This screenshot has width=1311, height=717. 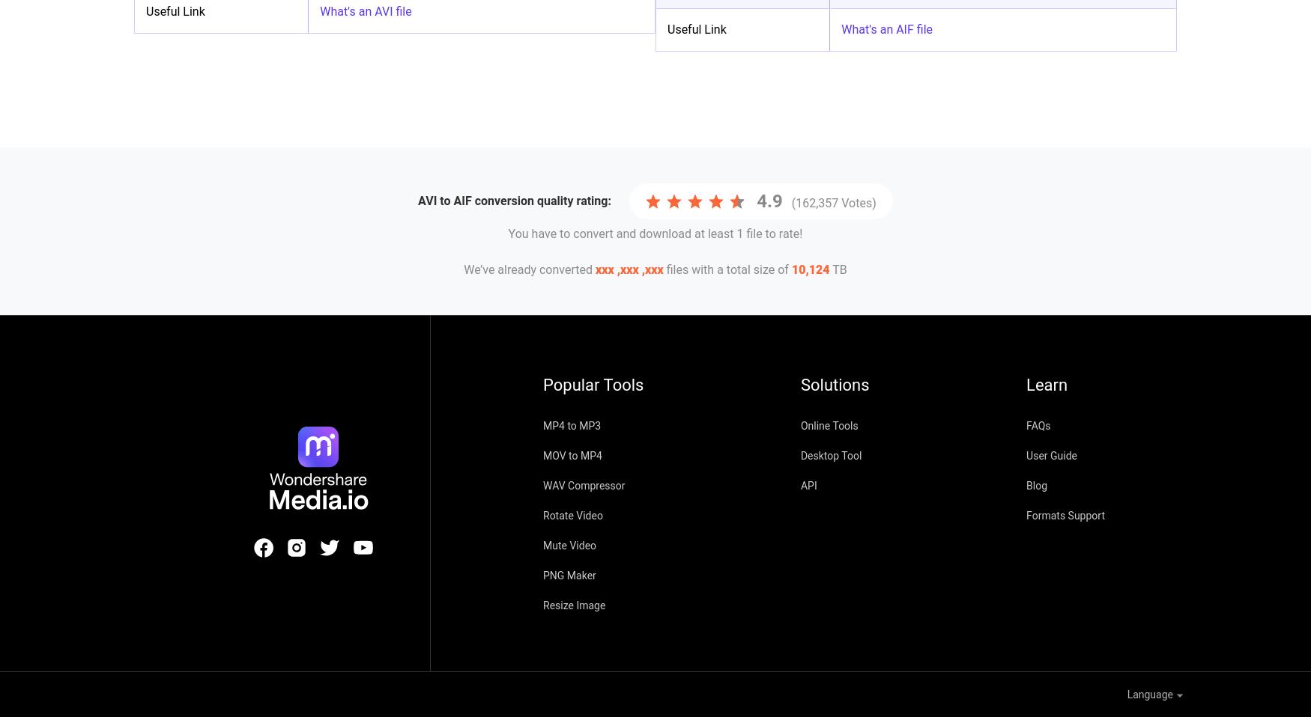 I want to click on 'Mute Video', so click(x=543, y=546).